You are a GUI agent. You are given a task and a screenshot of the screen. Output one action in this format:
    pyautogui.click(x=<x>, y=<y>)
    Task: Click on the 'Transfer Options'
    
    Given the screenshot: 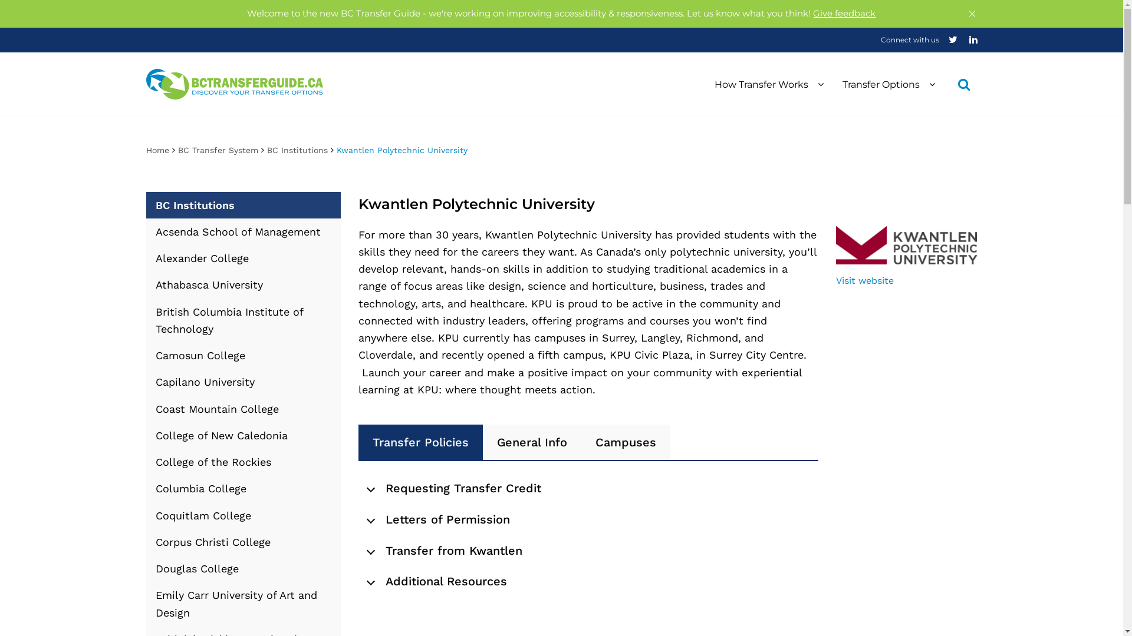 What is the action you would take?
    pyautogui.click(x=888, y=83)
    